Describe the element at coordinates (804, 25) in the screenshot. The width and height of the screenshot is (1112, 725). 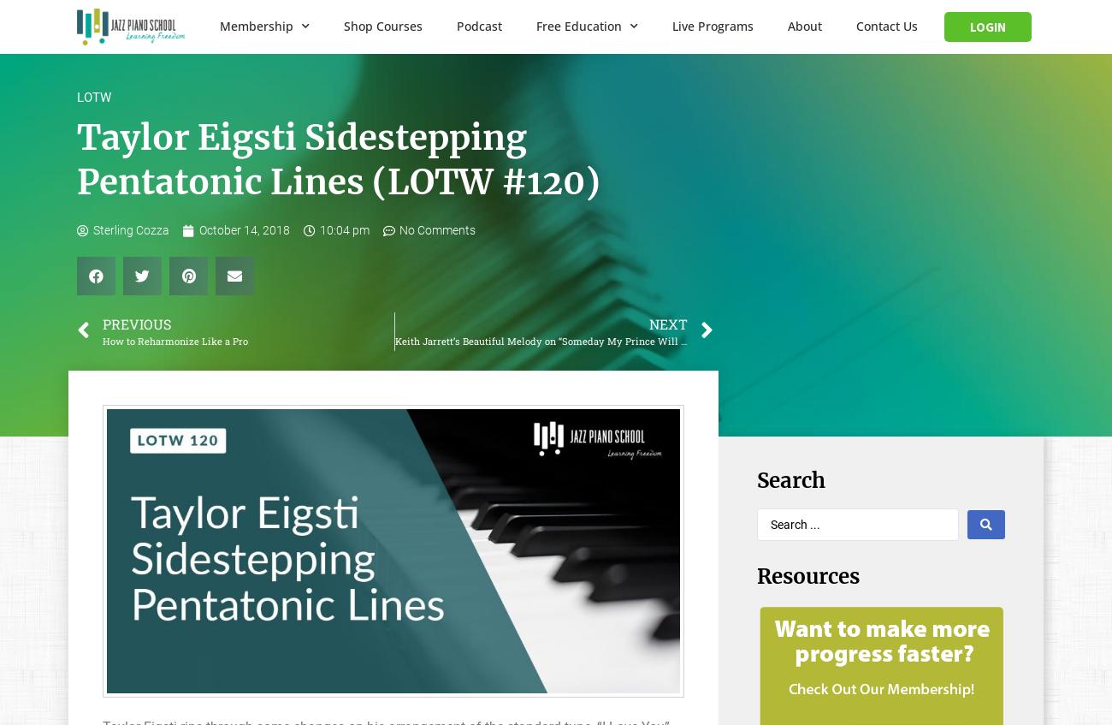
I see `'About'` at that location.